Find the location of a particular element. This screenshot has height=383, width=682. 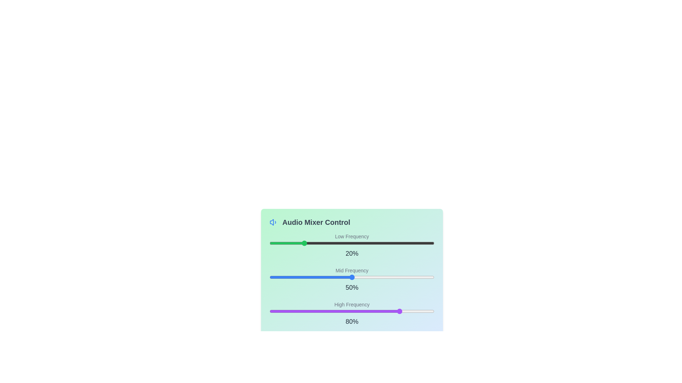

the 'High Frequency' slider is located at coordinates (302, 311).